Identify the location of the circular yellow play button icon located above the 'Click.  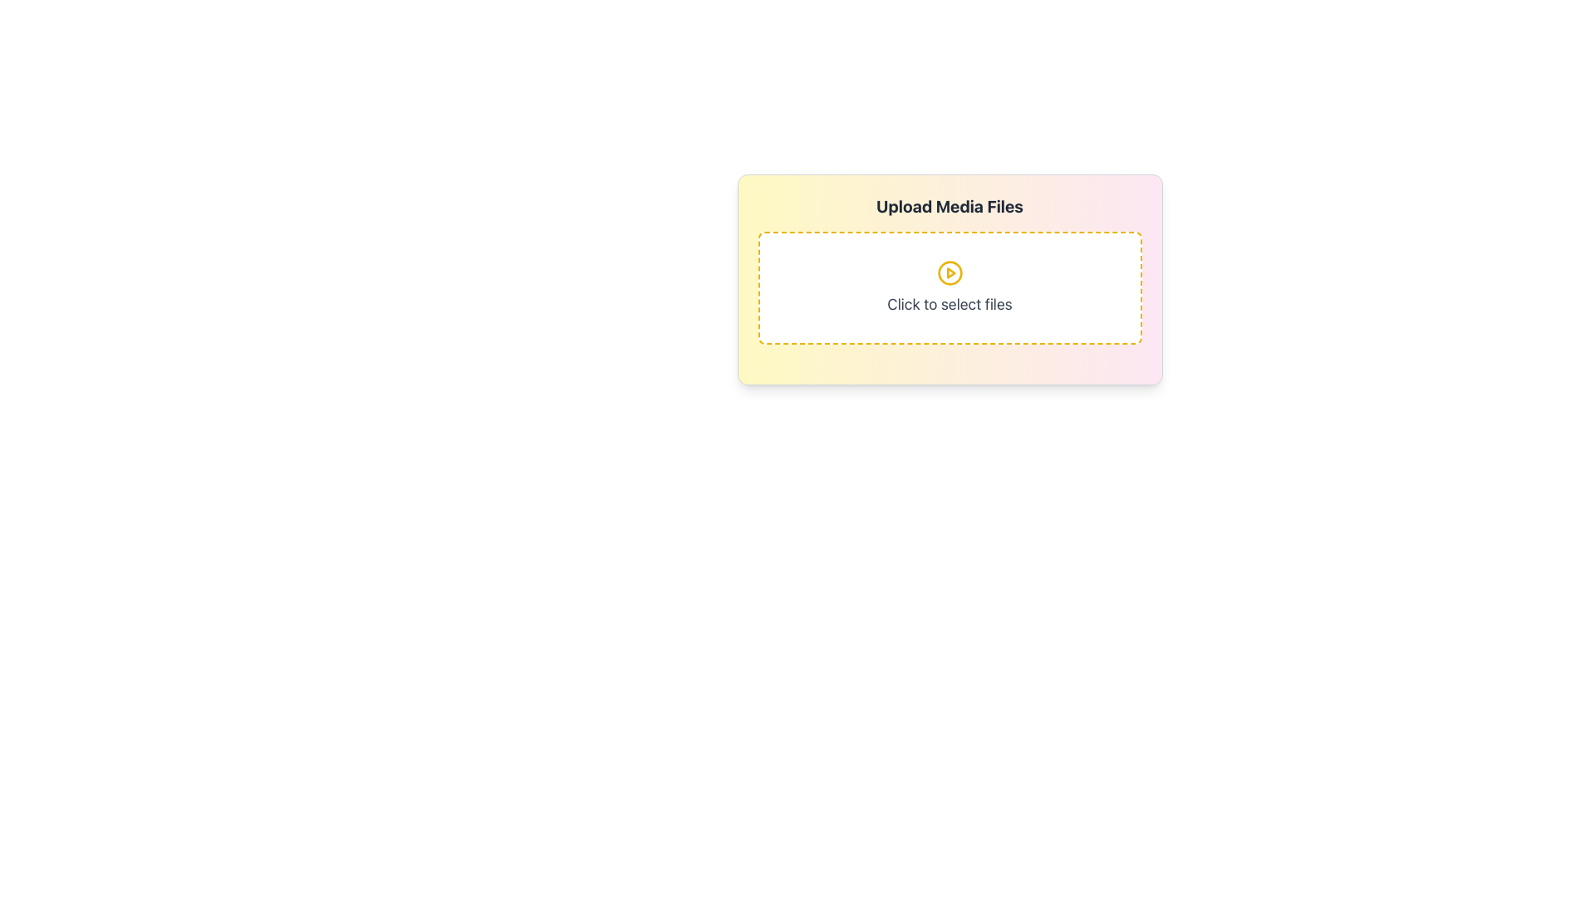
(950, 272).